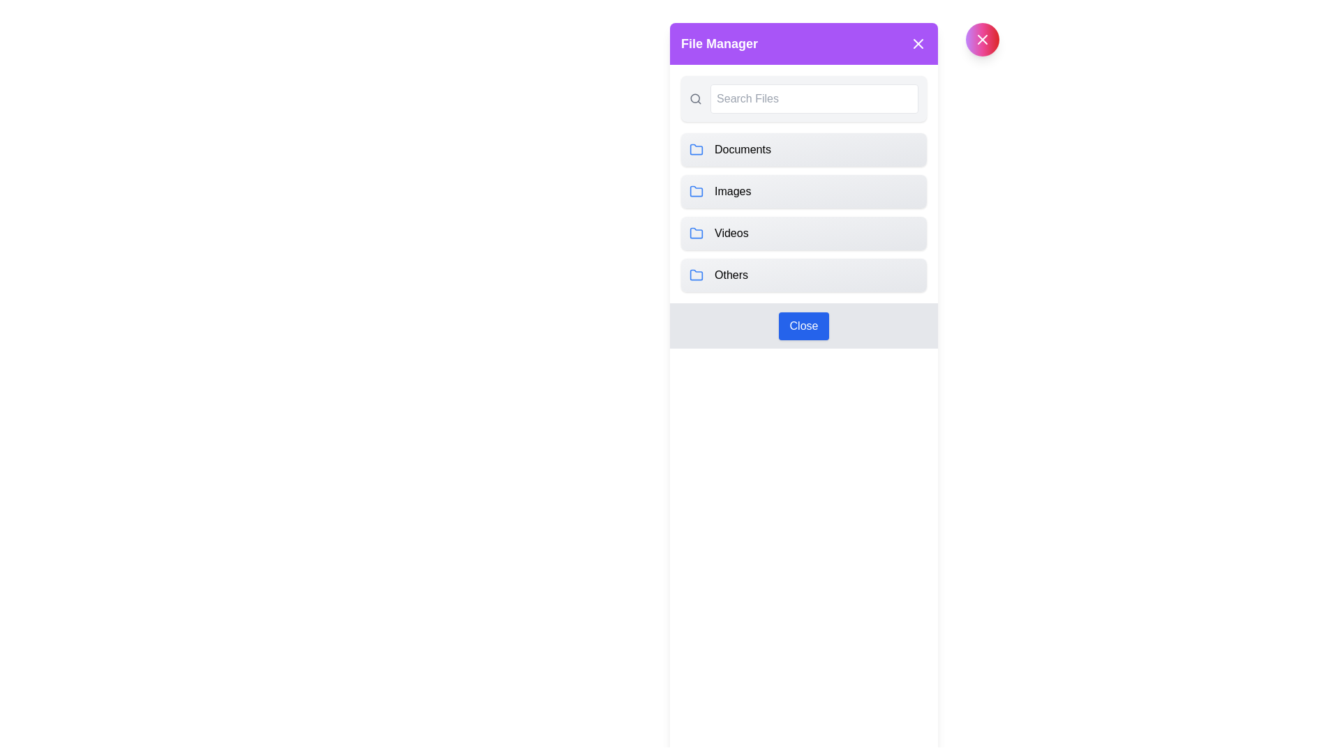 This screenshot has width=1340, height=753. What do you see at coordinates (697, 275) in the screenshot?
I see `the 'Others' folder icon located in the last card of the vertical stack in the file manager interface` at bounding box center [697, 275].